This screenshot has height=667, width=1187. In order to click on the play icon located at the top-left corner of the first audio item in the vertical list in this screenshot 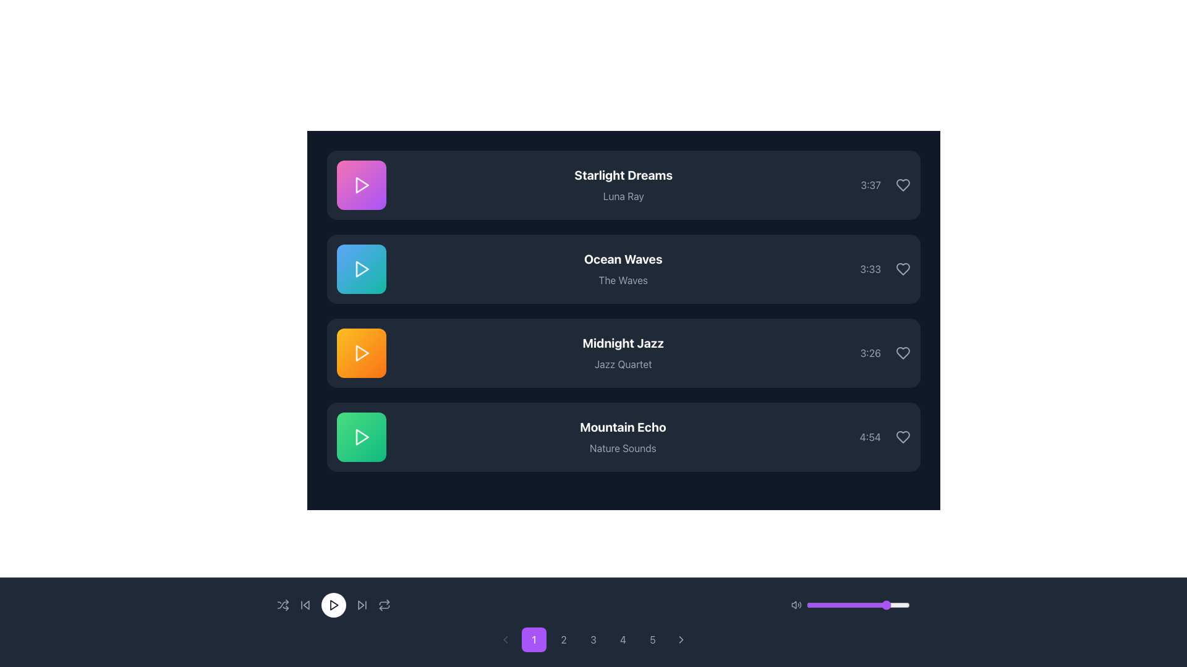, I will do `click(362, 185)`.